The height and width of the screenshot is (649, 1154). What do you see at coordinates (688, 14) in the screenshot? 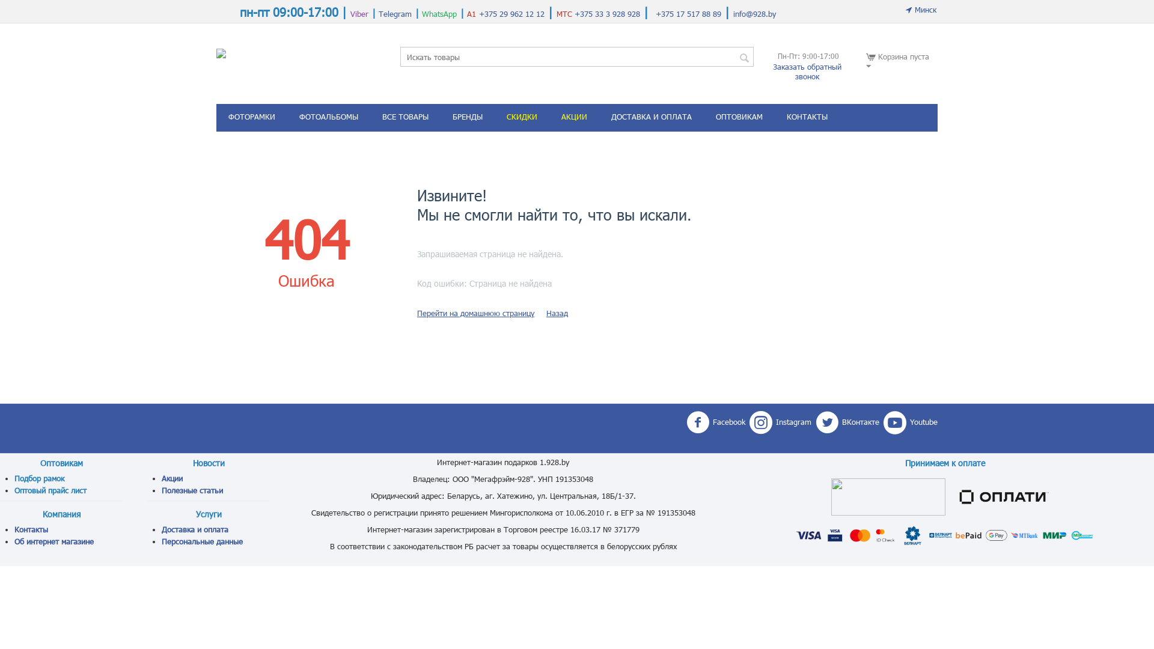
I see `'+375 17 517 88 89'` at bounding box center [688, 14].